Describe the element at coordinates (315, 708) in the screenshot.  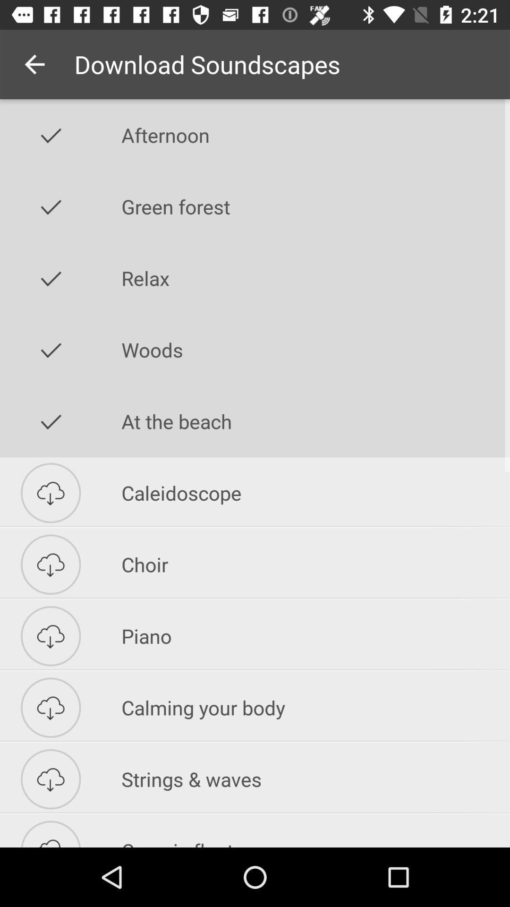
I see `the calming your body icon` at that location.